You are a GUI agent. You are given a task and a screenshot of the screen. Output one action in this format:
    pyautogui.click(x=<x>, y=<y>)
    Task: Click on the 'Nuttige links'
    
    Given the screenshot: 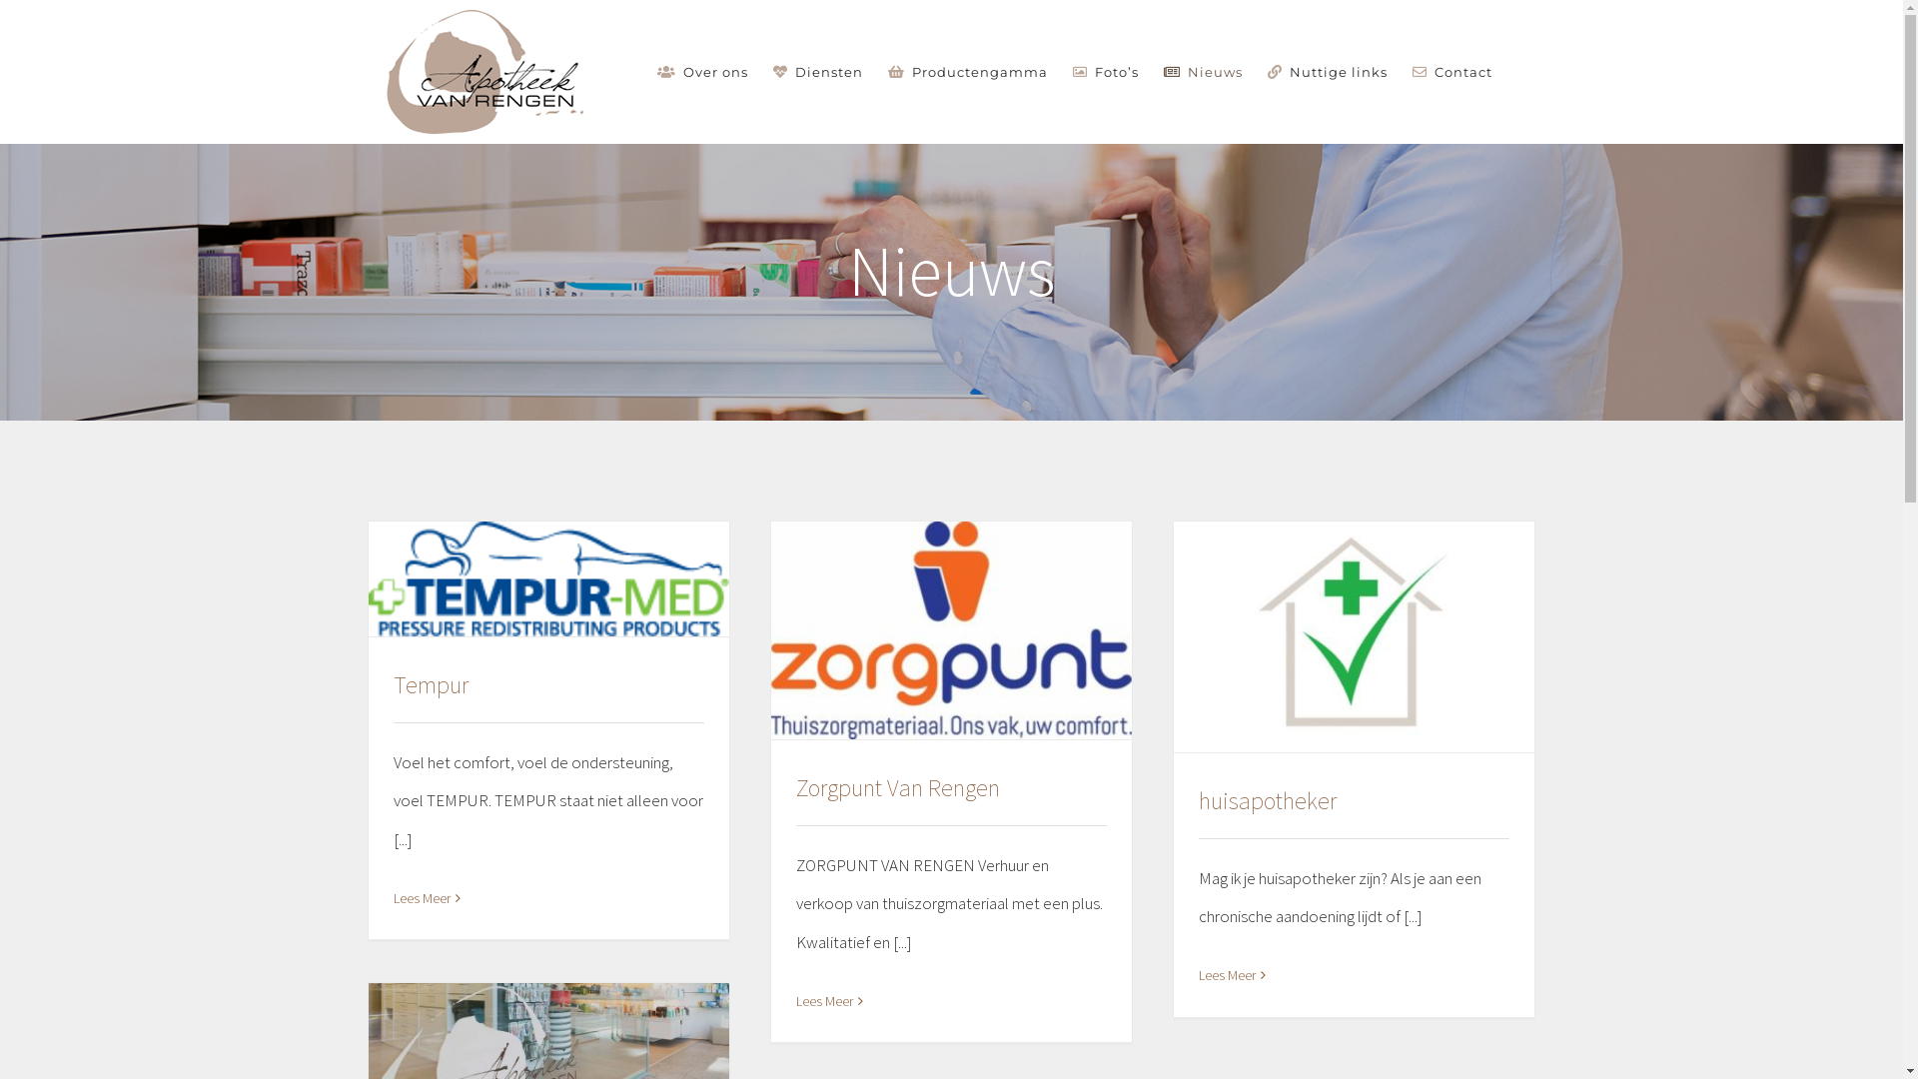 What is the action you would take?
    pyautogui.click(x=1328, y=71)
    